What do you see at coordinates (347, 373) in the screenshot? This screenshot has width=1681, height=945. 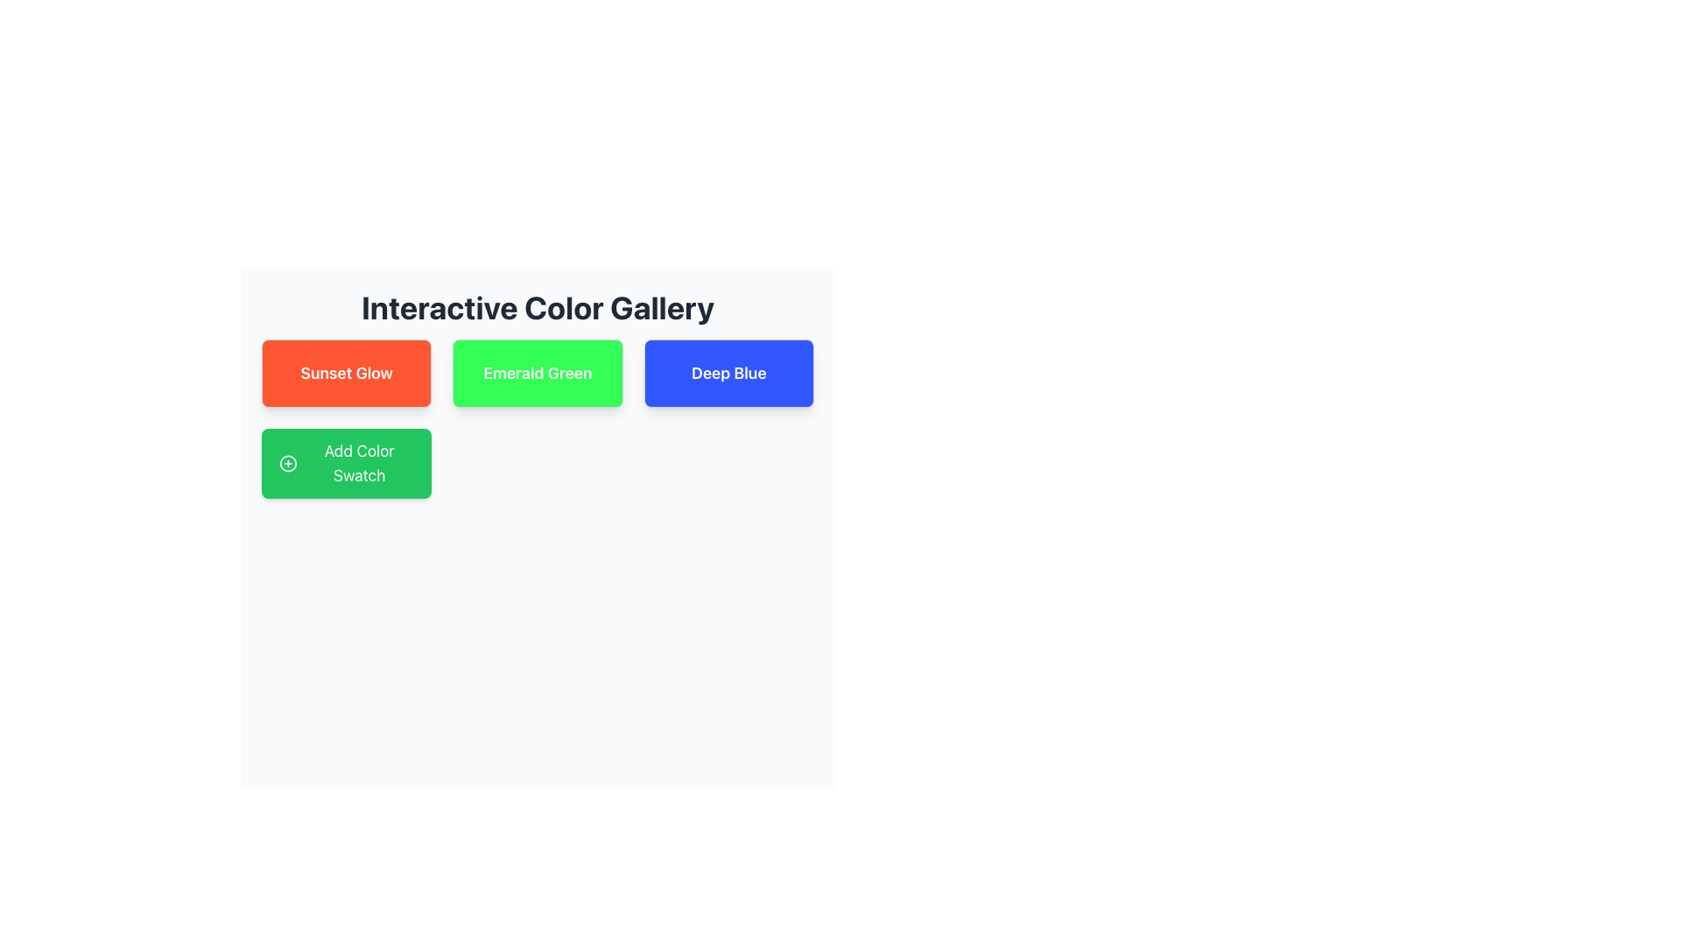 I see `the TextDisplay element with the vibrant orange background that displays 'Sunset Glow' in bold white font, located in the top-left corner of the grid layout` at bounding box center [347, 373].